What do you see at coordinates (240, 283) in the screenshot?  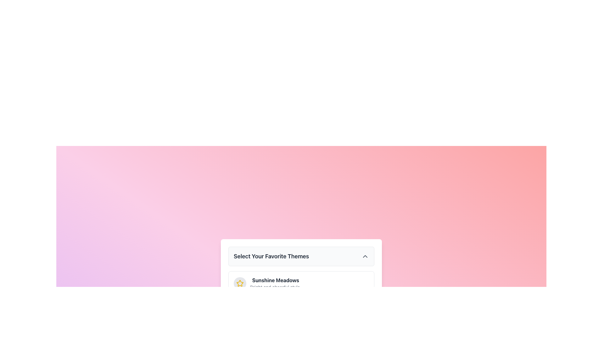 I see `the yellow star-shaped icon within the circular button to favorite or rate the item labeled 'Sunshine Meadows'` at bounding box center [240, 283].